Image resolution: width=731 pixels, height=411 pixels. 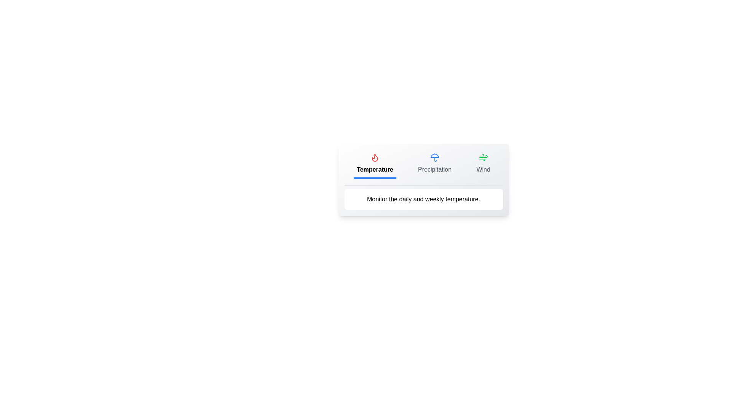 I want to click on the Precipitation tab to view its weather data, so click(x=435, y=164).